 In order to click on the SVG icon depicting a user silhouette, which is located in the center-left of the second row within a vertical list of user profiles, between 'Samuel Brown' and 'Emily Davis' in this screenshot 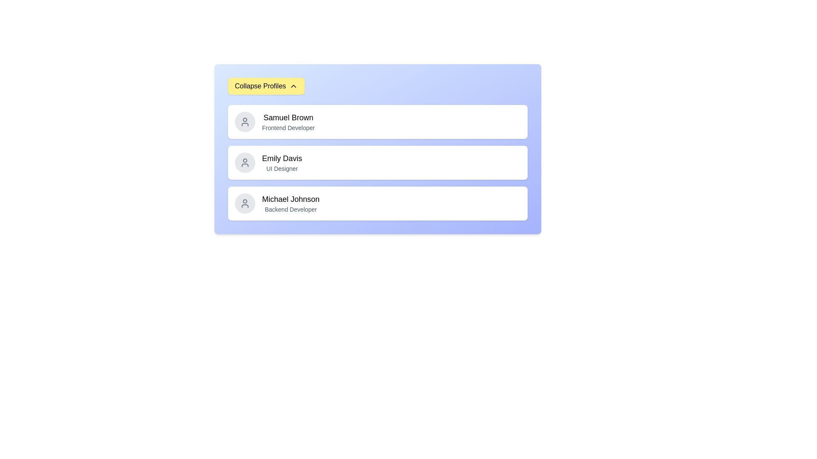, I will do `click(245, 162)`.